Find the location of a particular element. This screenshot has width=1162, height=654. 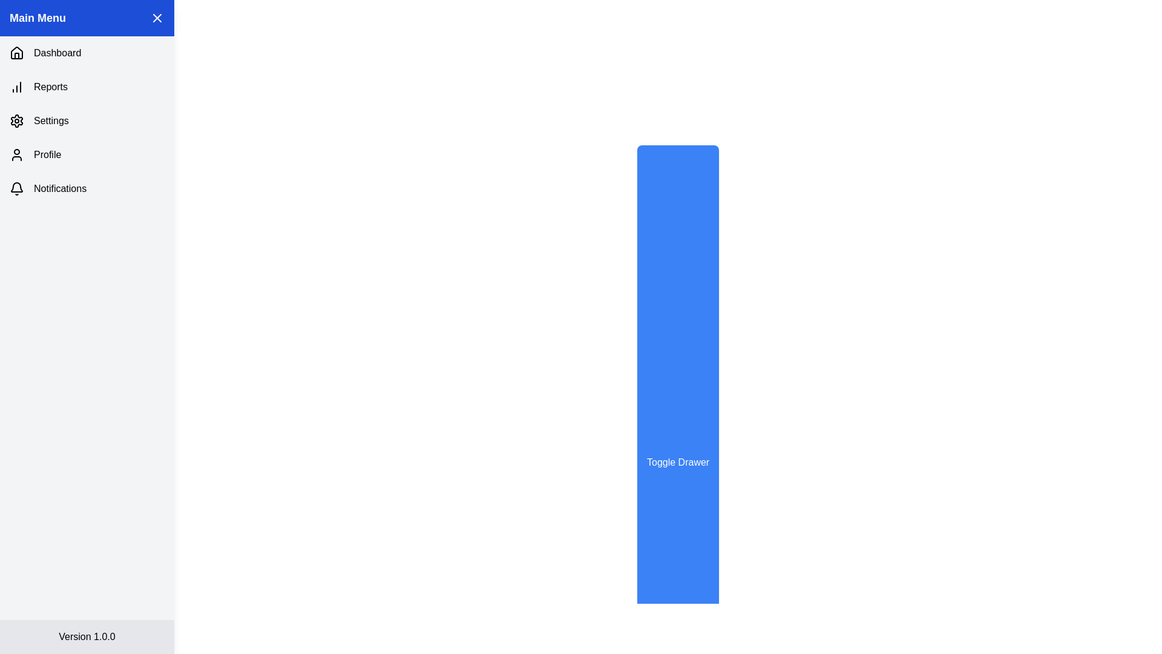

the Notification Bell icon located in the navigation menu is located at coordinates (17, 187).